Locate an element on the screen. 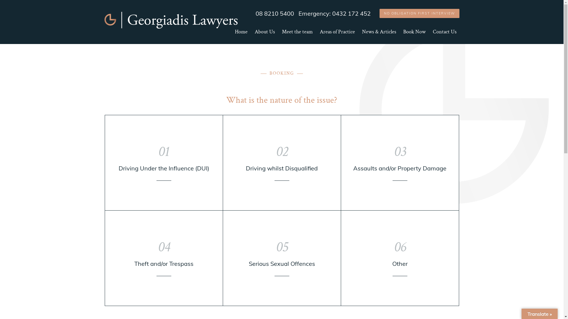 Image resolution: width=568 pixels, height=319 pixels. 'About Us' is located at coordinates (264, 36).